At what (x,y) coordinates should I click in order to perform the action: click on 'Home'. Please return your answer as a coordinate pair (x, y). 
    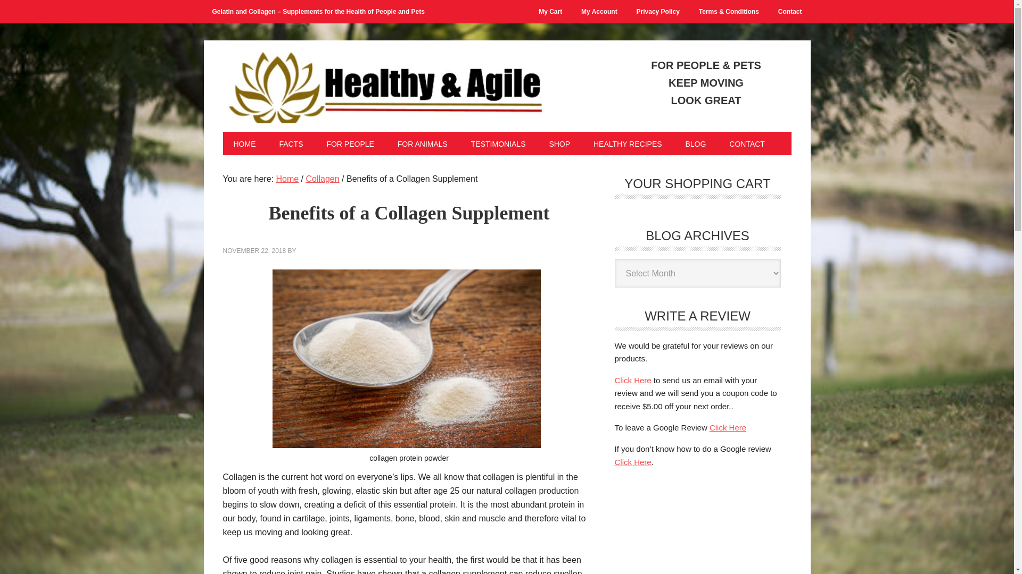
    Looking at the image, I should click on (287, 178).